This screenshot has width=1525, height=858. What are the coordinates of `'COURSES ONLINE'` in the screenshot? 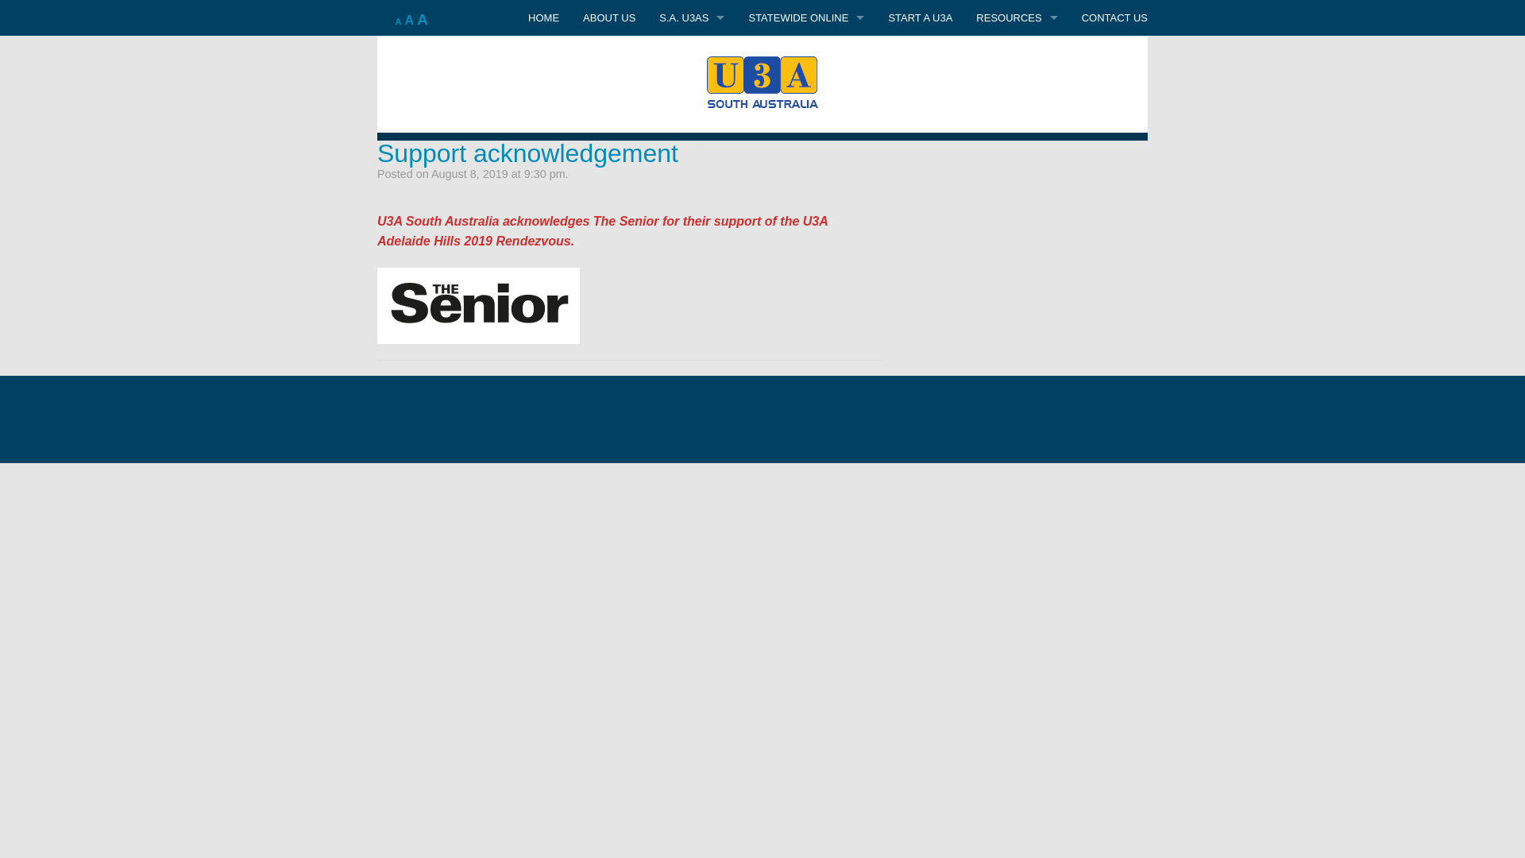 It's located at (805, 52).